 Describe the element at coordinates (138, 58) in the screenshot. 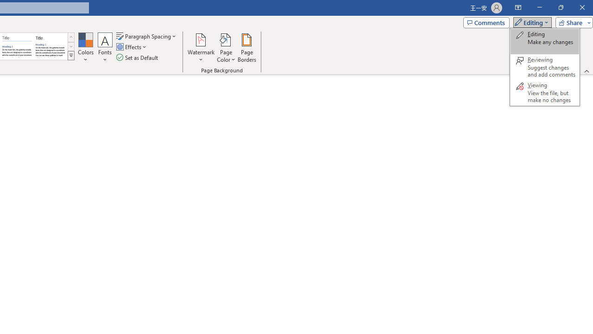

I see `'Set as Default'` at that location.